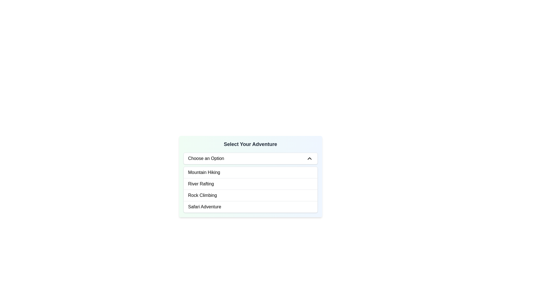 This screenshot has width=537, height=302. What do you see at coordinates (204, 207) in the screenshot?
I see `the 'Safari Adventure' text label, which is the fourth item in the dropdown menu beneath 'Rock Climbing'` at bounding box center [204, 207].